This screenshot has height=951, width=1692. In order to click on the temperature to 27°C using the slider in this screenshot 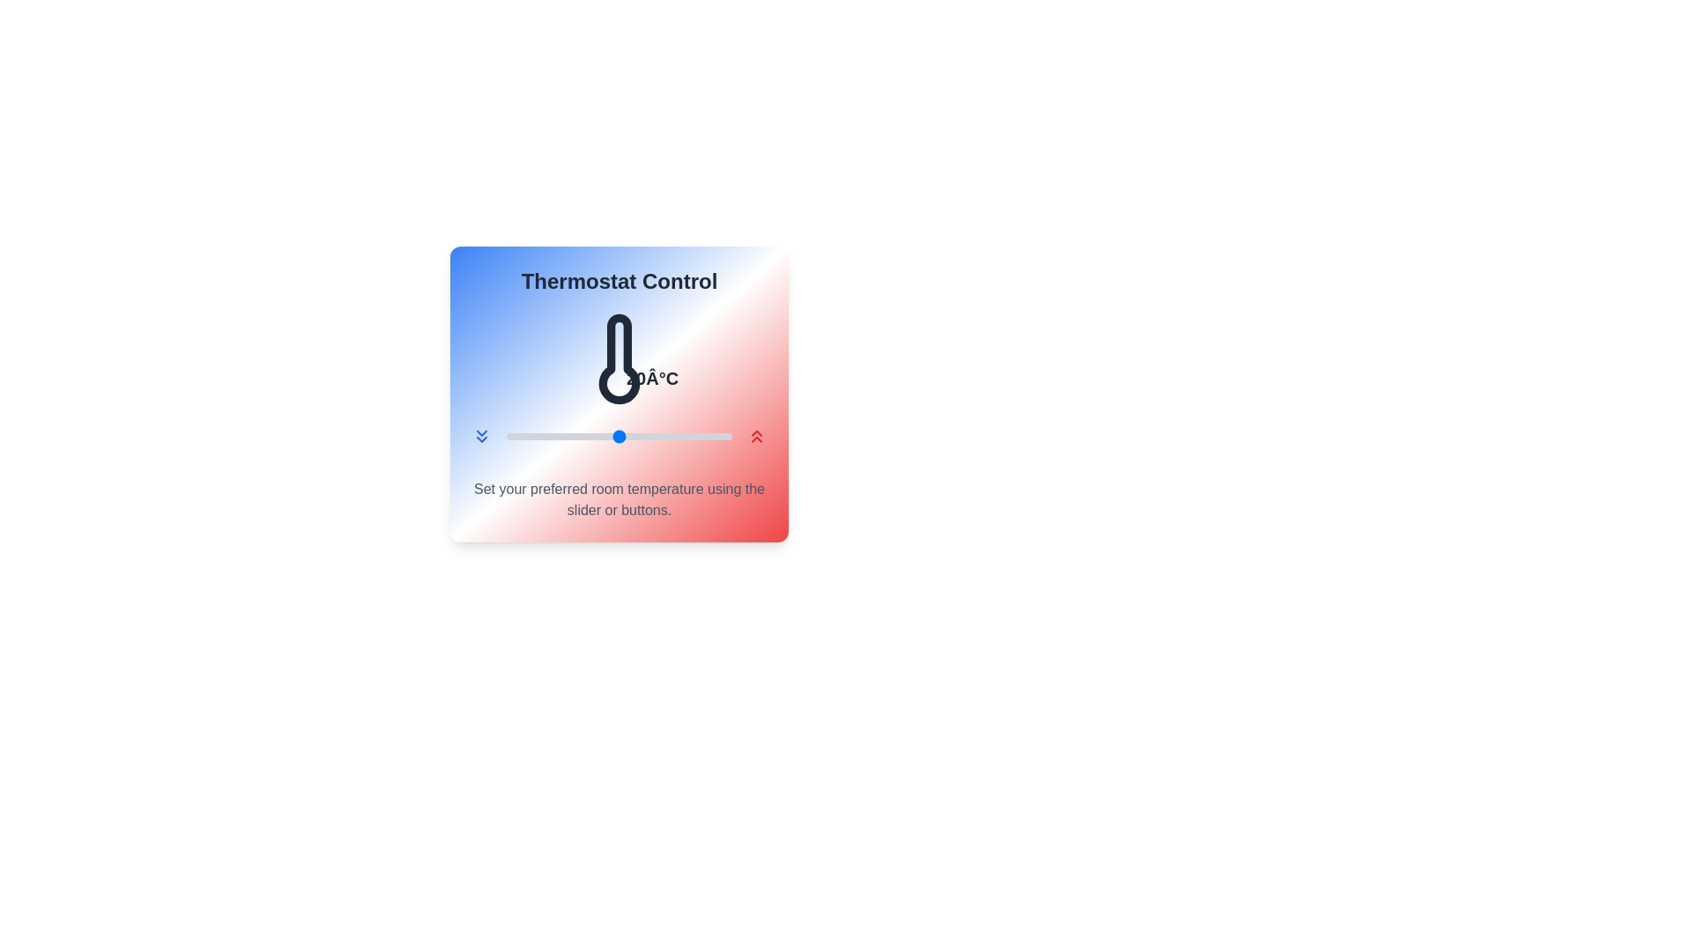, I will do `click(697, 436)`.